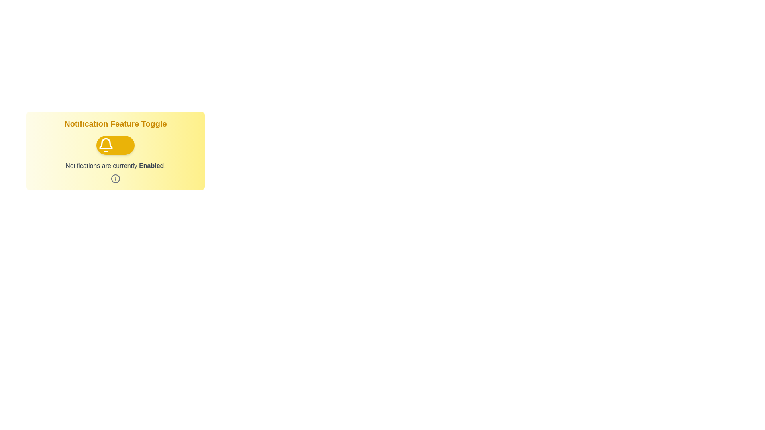 This screenshot has height=430, width=765. What do you see at coordinates (115, 165) in the screenshot?
I see `the text label that reads 'Notifications are currently Enabled.' which is styled in gray font and is located centrally below an active toggle switch` at bounding box center [115, 165].